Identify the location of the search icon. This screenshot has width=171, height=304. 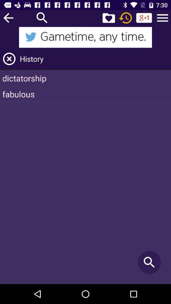
(42, 17).